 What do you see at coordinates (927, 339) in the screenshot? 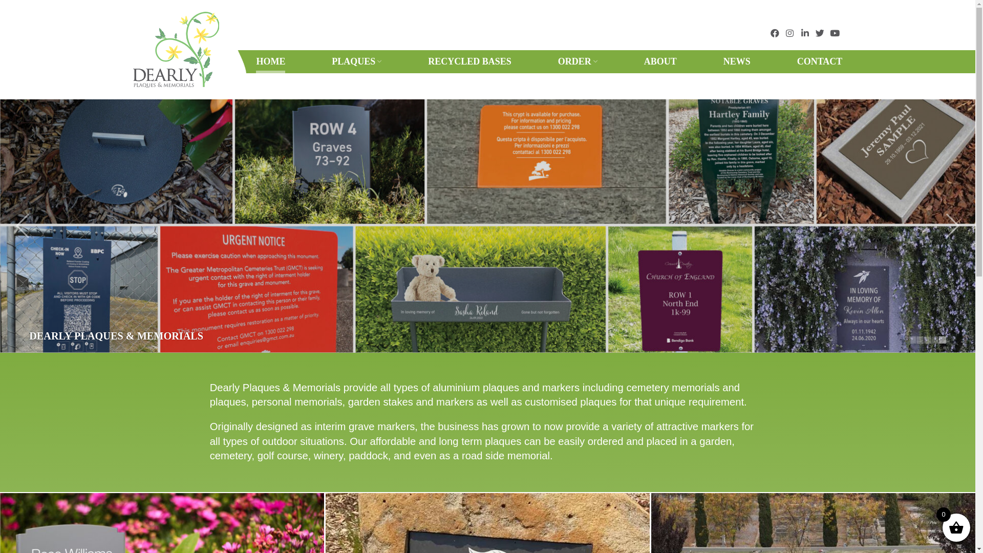
I see `'3'` at bounding box center [927, 339].